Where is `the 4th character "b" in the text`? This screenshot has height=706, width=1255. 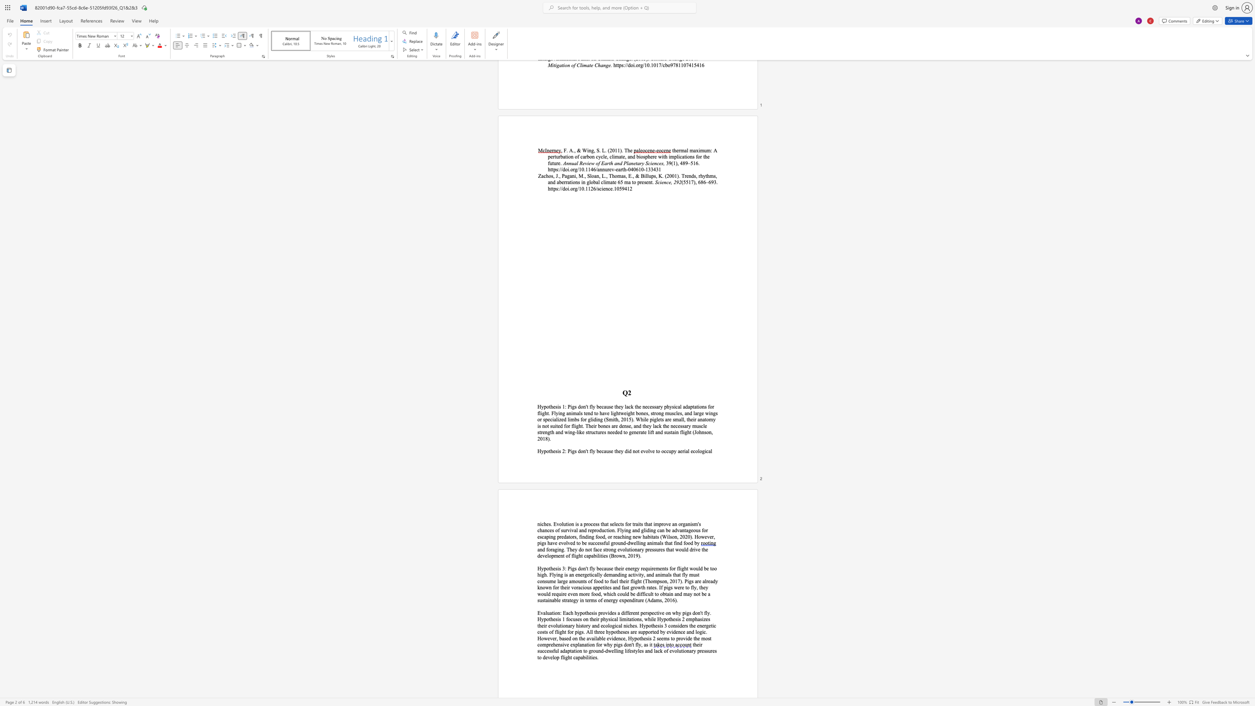 the 4th character "b" in the text is located at coordinates (554, 600).